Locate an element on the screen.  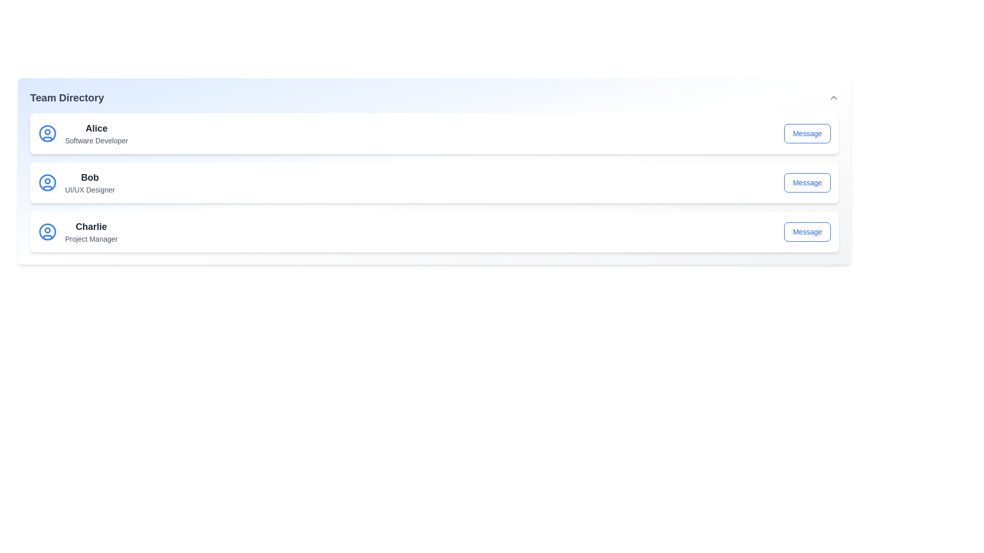
the small, interactive upward-pointing chevron icon located at the upper right corner of the 'Team Directory' header bar is located at coordinates (834, 98).